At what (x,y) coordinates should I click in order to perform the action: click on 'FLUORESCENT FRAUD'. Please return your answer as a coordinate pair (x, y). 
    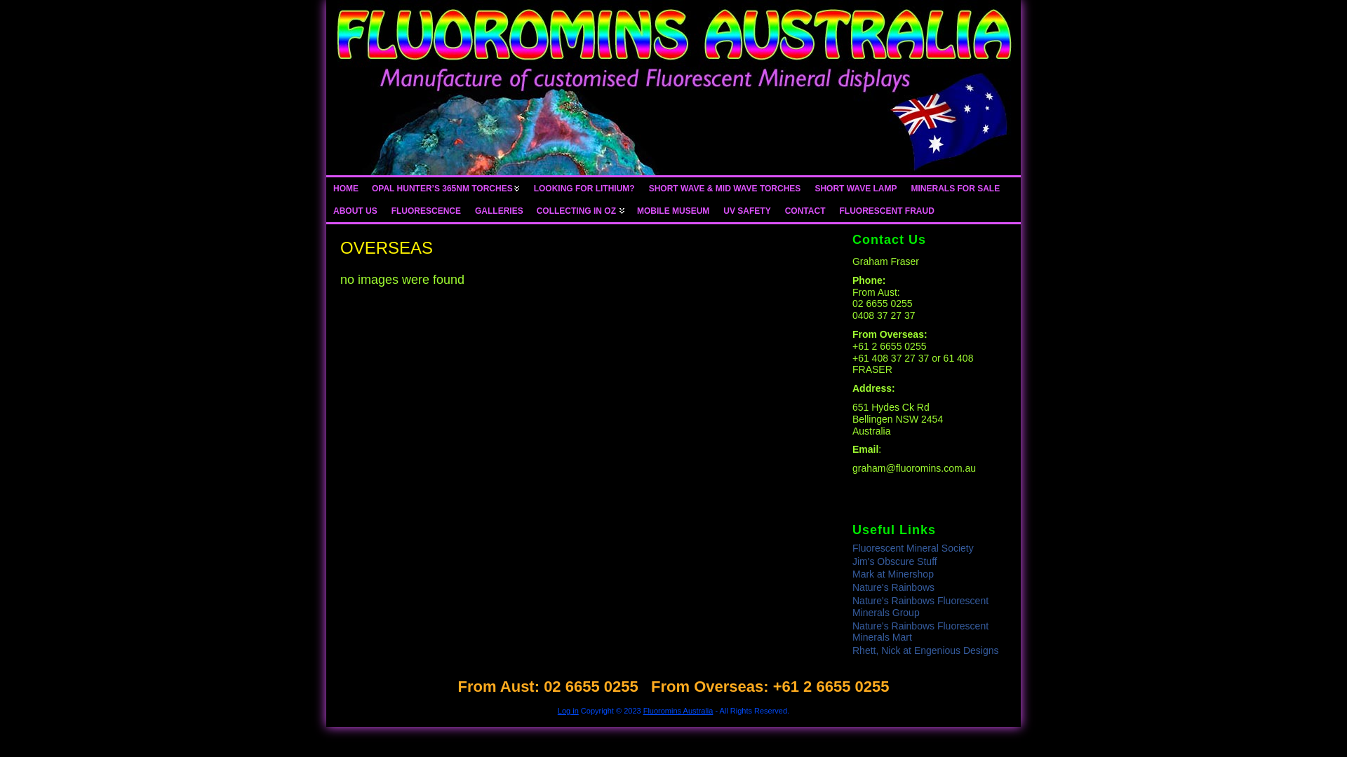
    Looking at the image, I should click on (885, 210).